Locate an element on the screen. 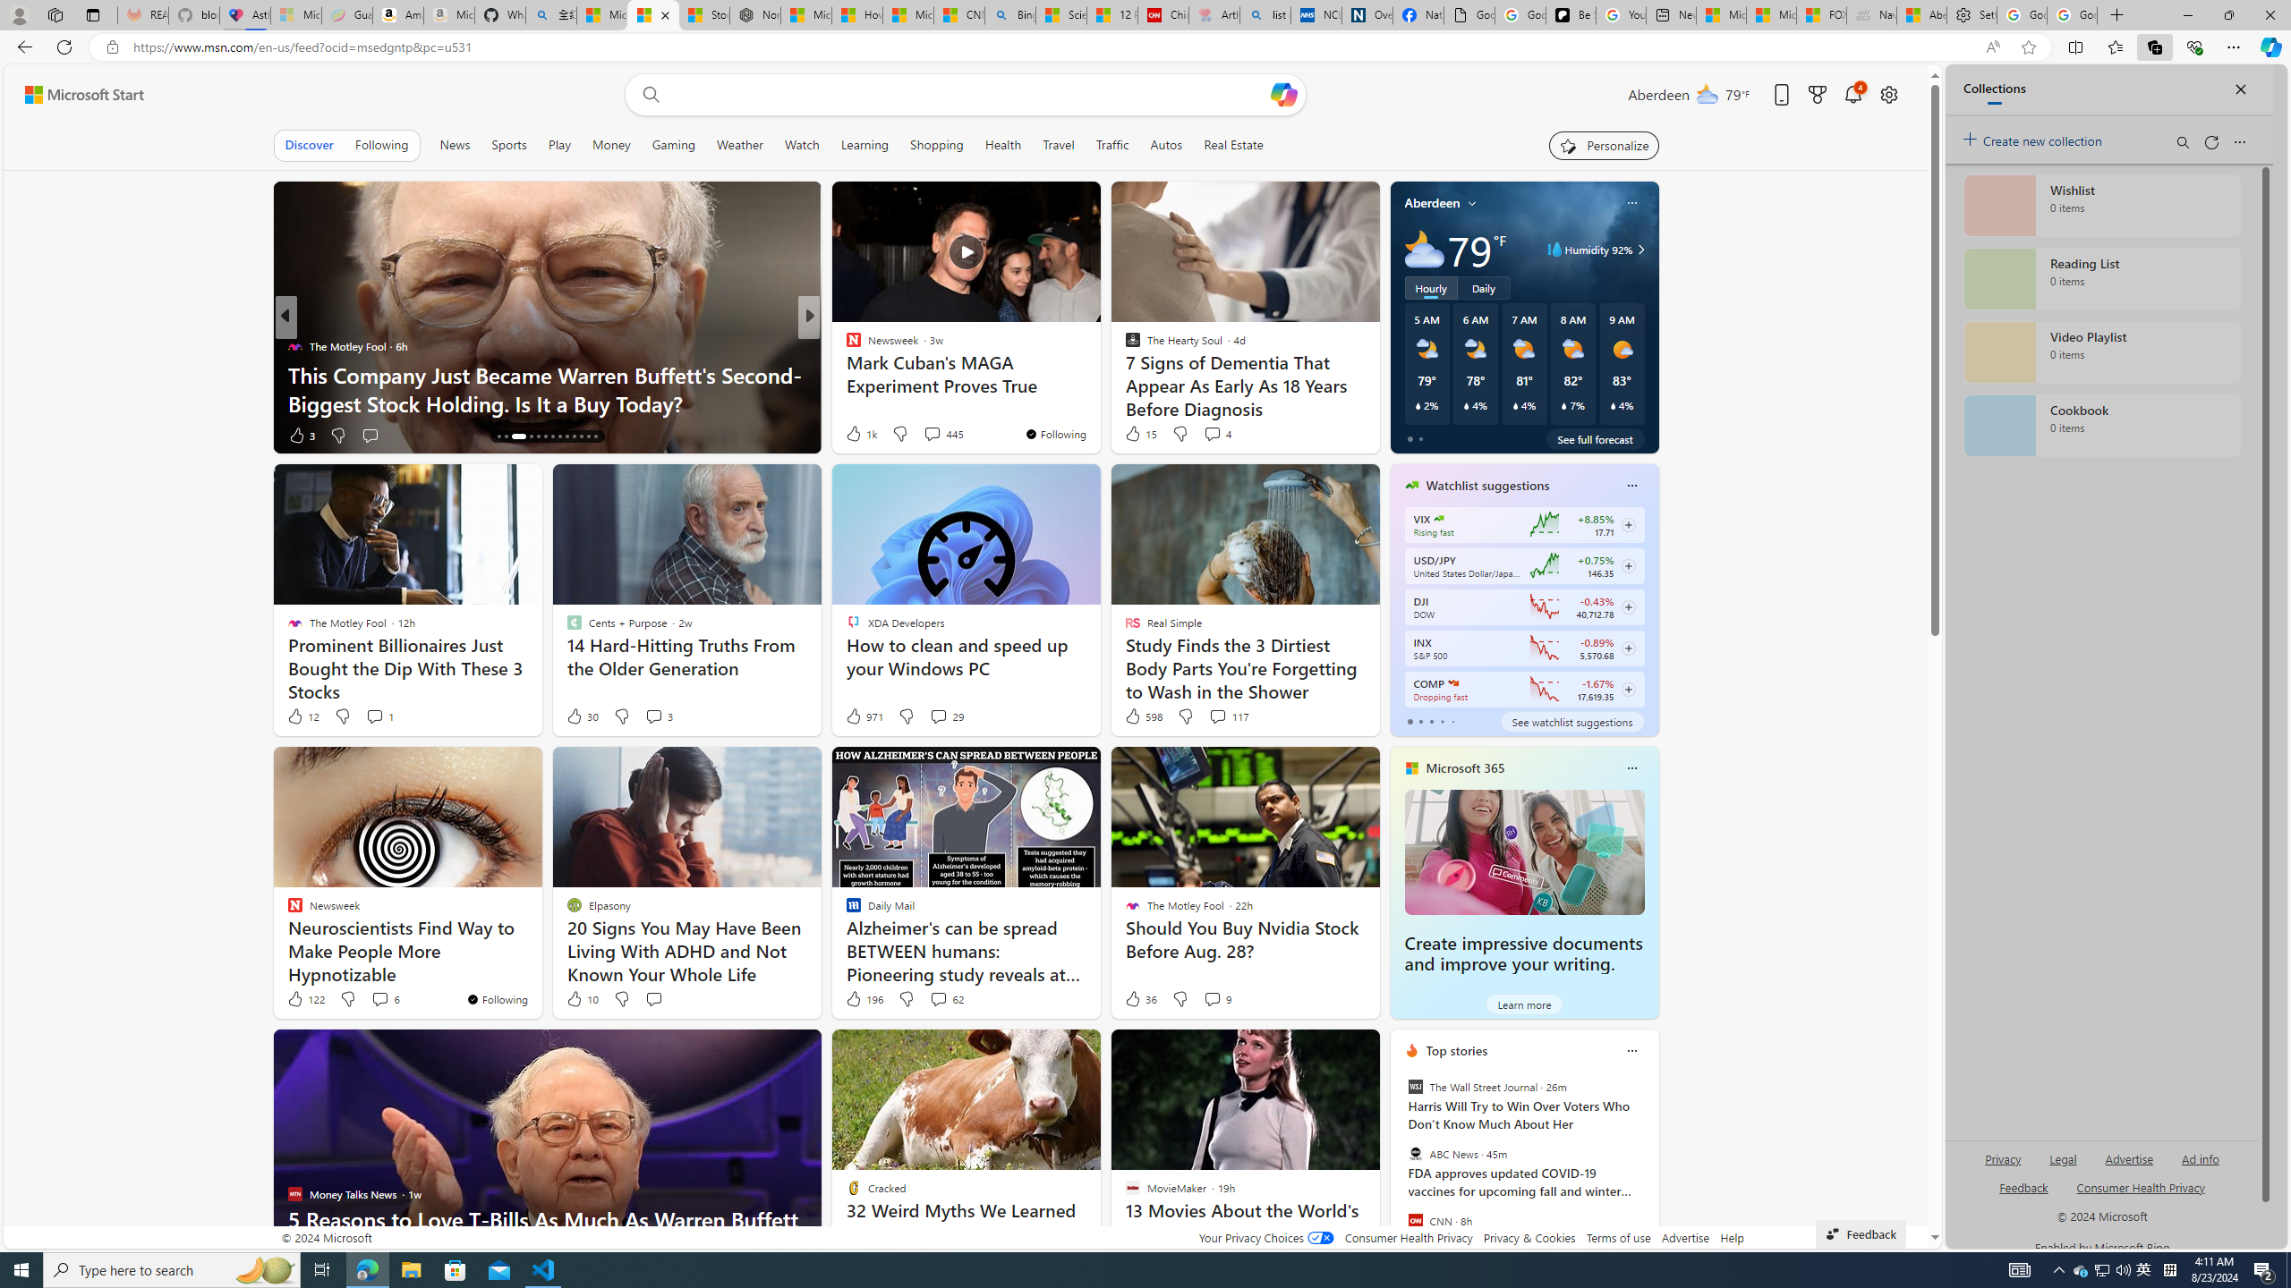 This screenshot has height=1288, width=2291. 'list of asthma inhalers uk - Search' is located at coordinates (1265, 14).